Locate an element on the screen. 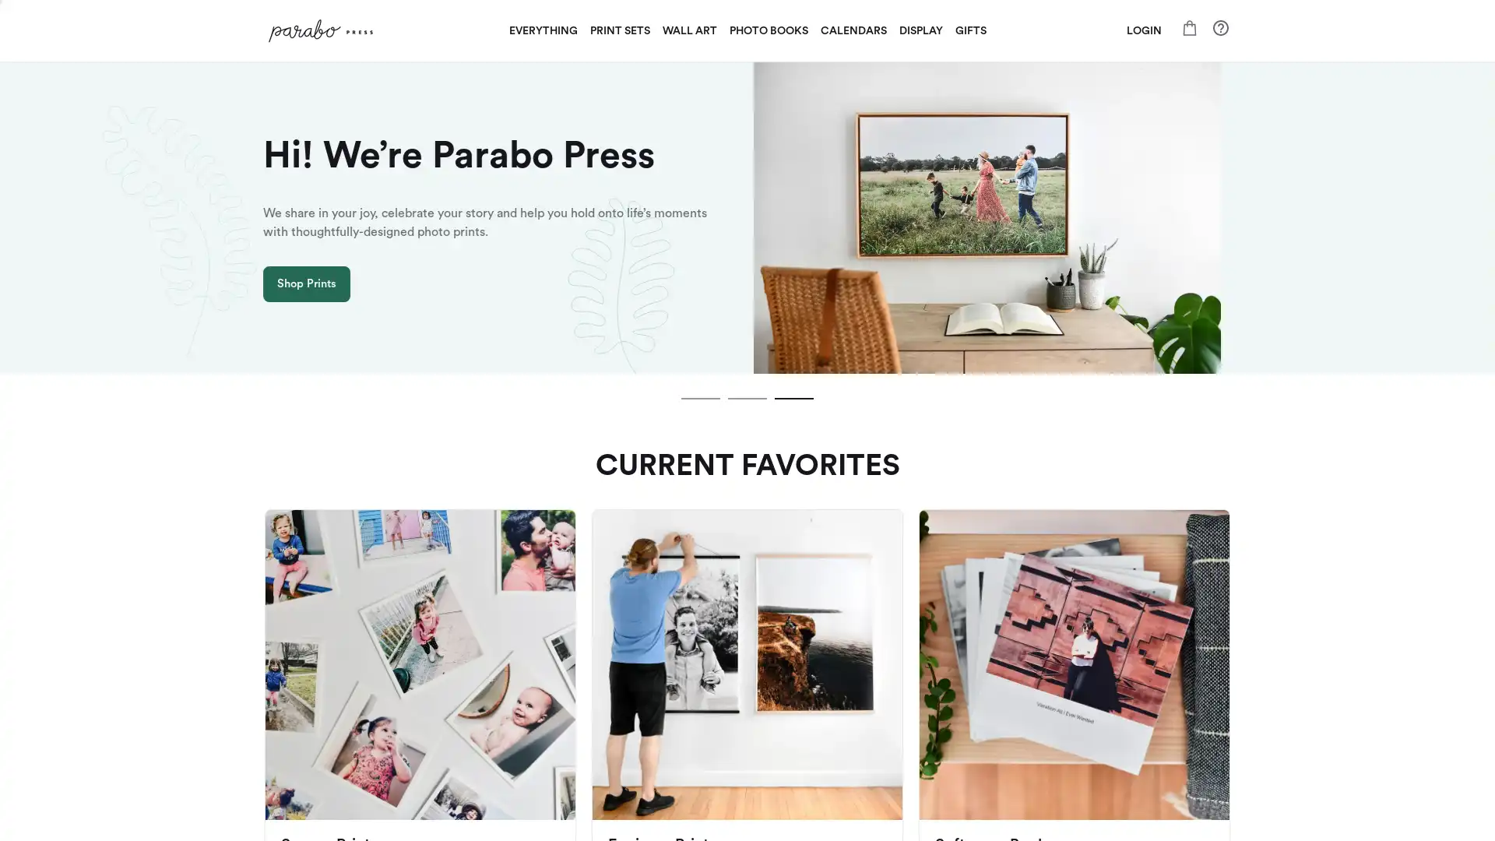 This screenshot has height=841, width=1495. slide dot is located at coordinates (700, 398).